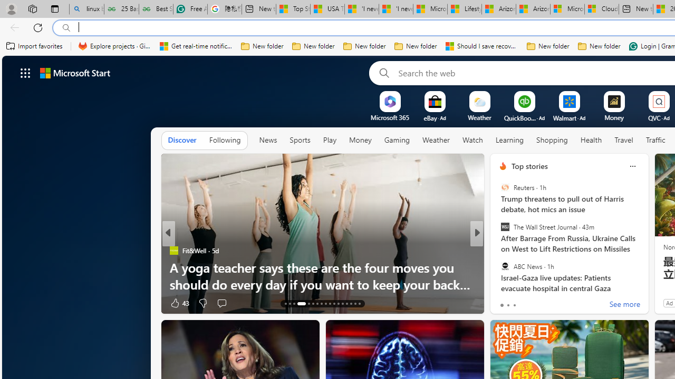 This screenshot has height=379, width=675. I want to click on 'linux basic - Search', so click(86, 9).